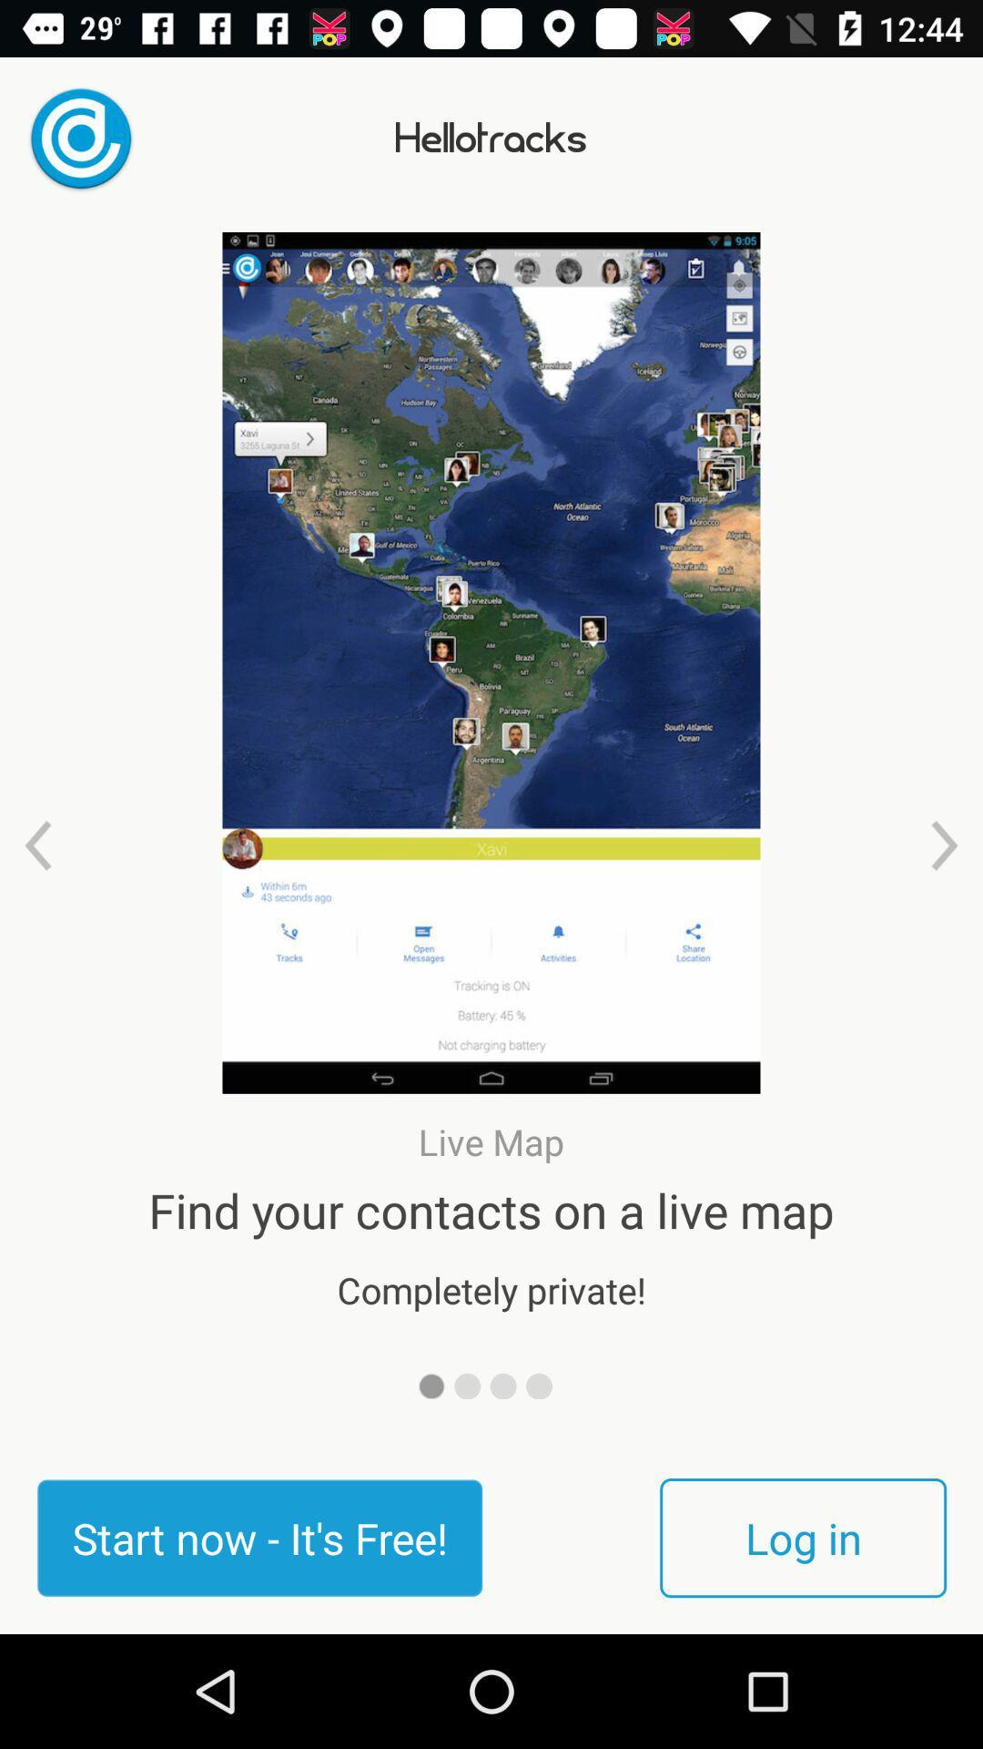 This screenshot has height=1749, width=983. What do you see at coordinates (802, 1537) in the screenshot?
I see `the log in` at bounding box center [802, 1537].